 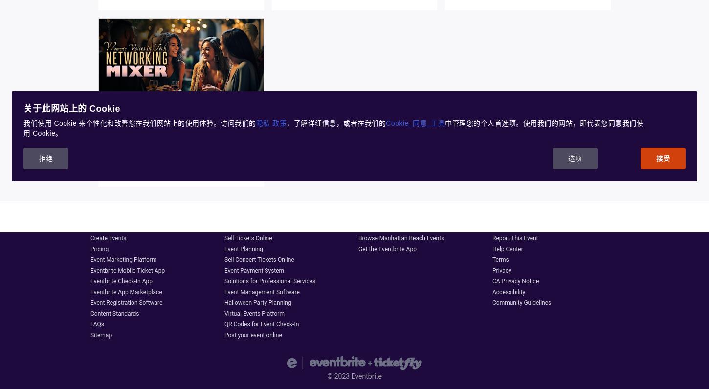 I want to click on 'Eventbrite Mobile Ticket App', so click(x=128, y=271).